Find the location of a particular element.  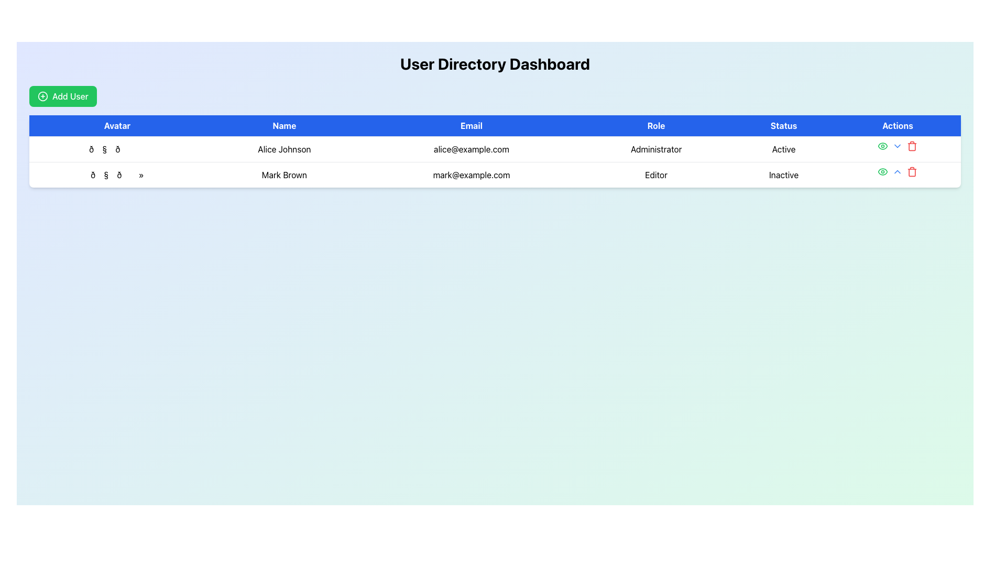

the static text label displaying 'Active' in bold black text, which indicates the status of 'Alice Johnson' in the user directory table is located at coordinates (783, 149).